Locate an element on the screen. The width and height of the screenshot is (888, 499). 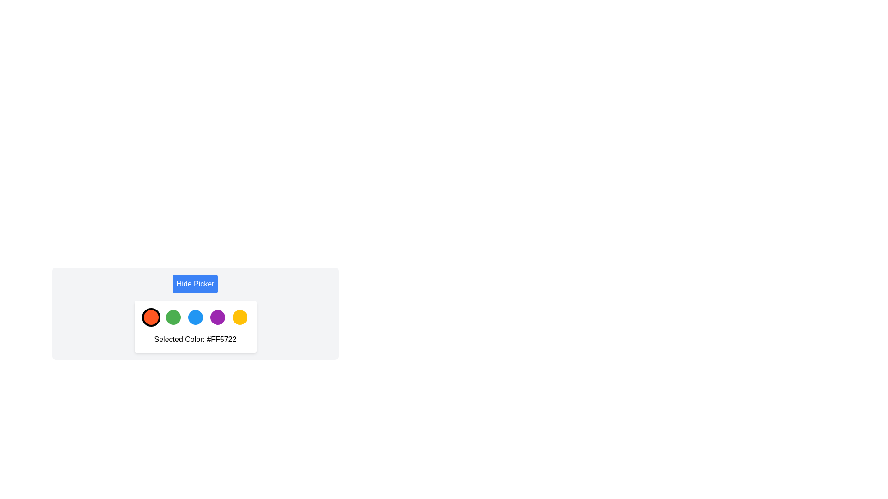
the first circular color selection button located in a horizontal row beneath the 'Hide Picker' button is located at coordinates (151, 316).